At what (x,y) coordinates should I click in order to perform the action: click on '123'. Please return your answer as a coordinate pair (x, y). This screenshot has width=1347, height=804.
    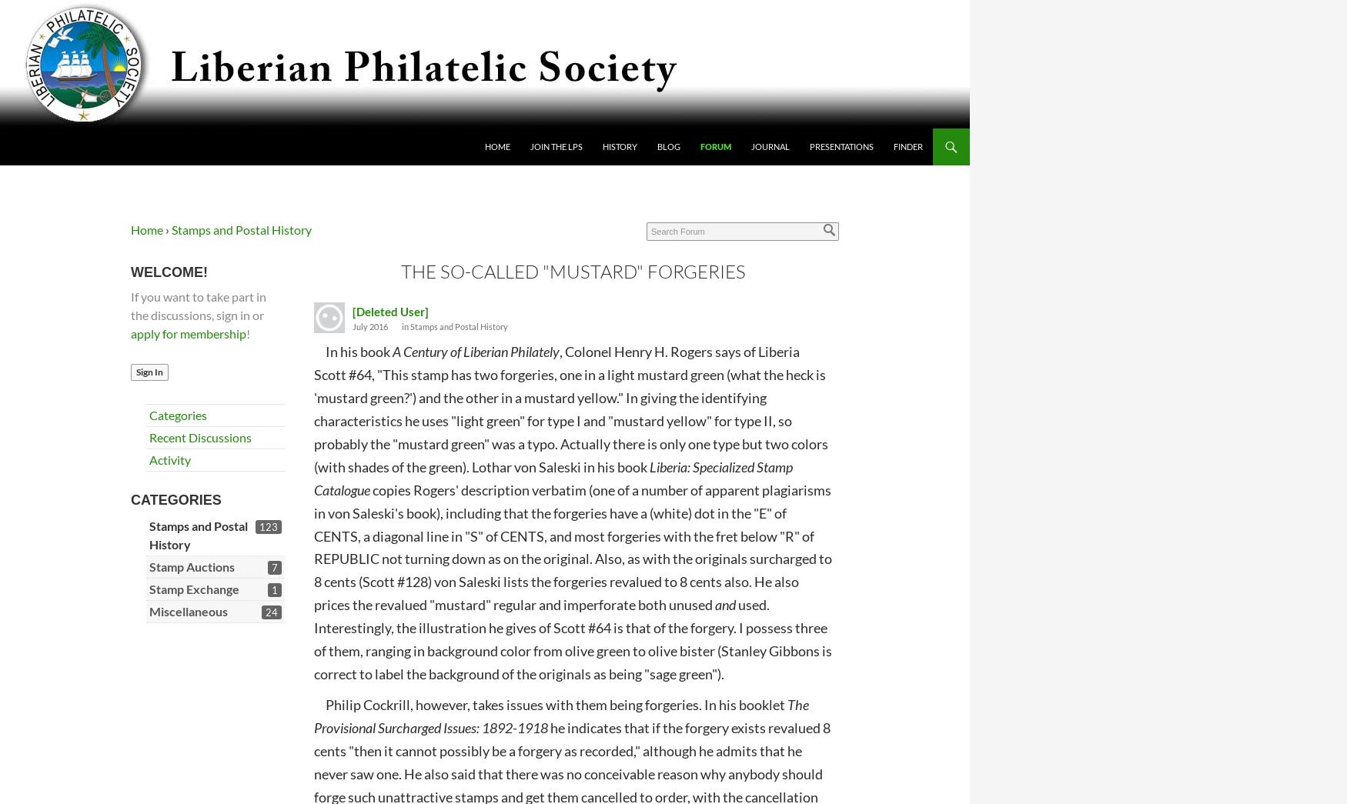
    Looking at the image, I should click on (259, 526).